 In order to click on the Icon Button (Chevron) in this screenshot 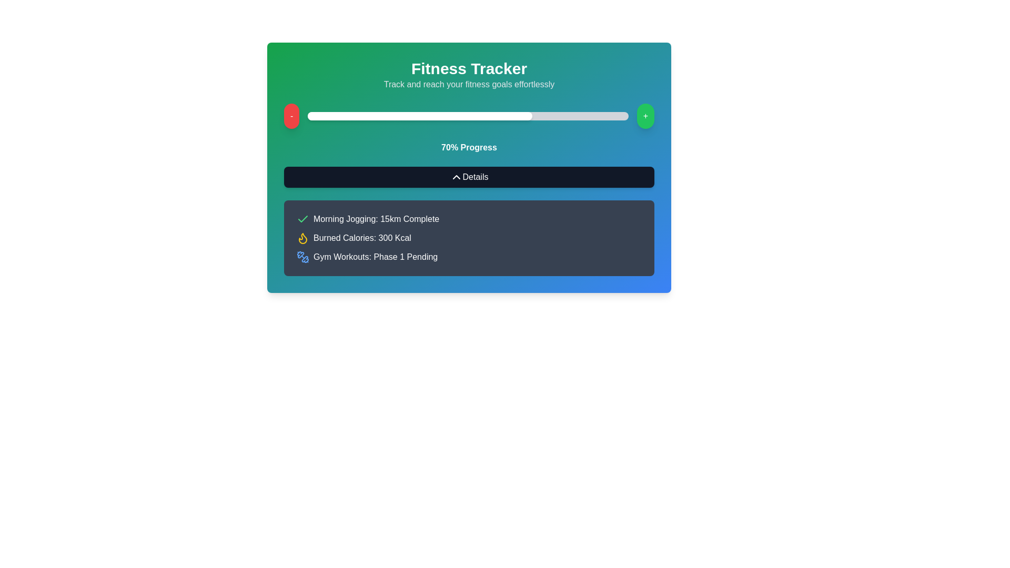, I will do `click(456, 176)`.